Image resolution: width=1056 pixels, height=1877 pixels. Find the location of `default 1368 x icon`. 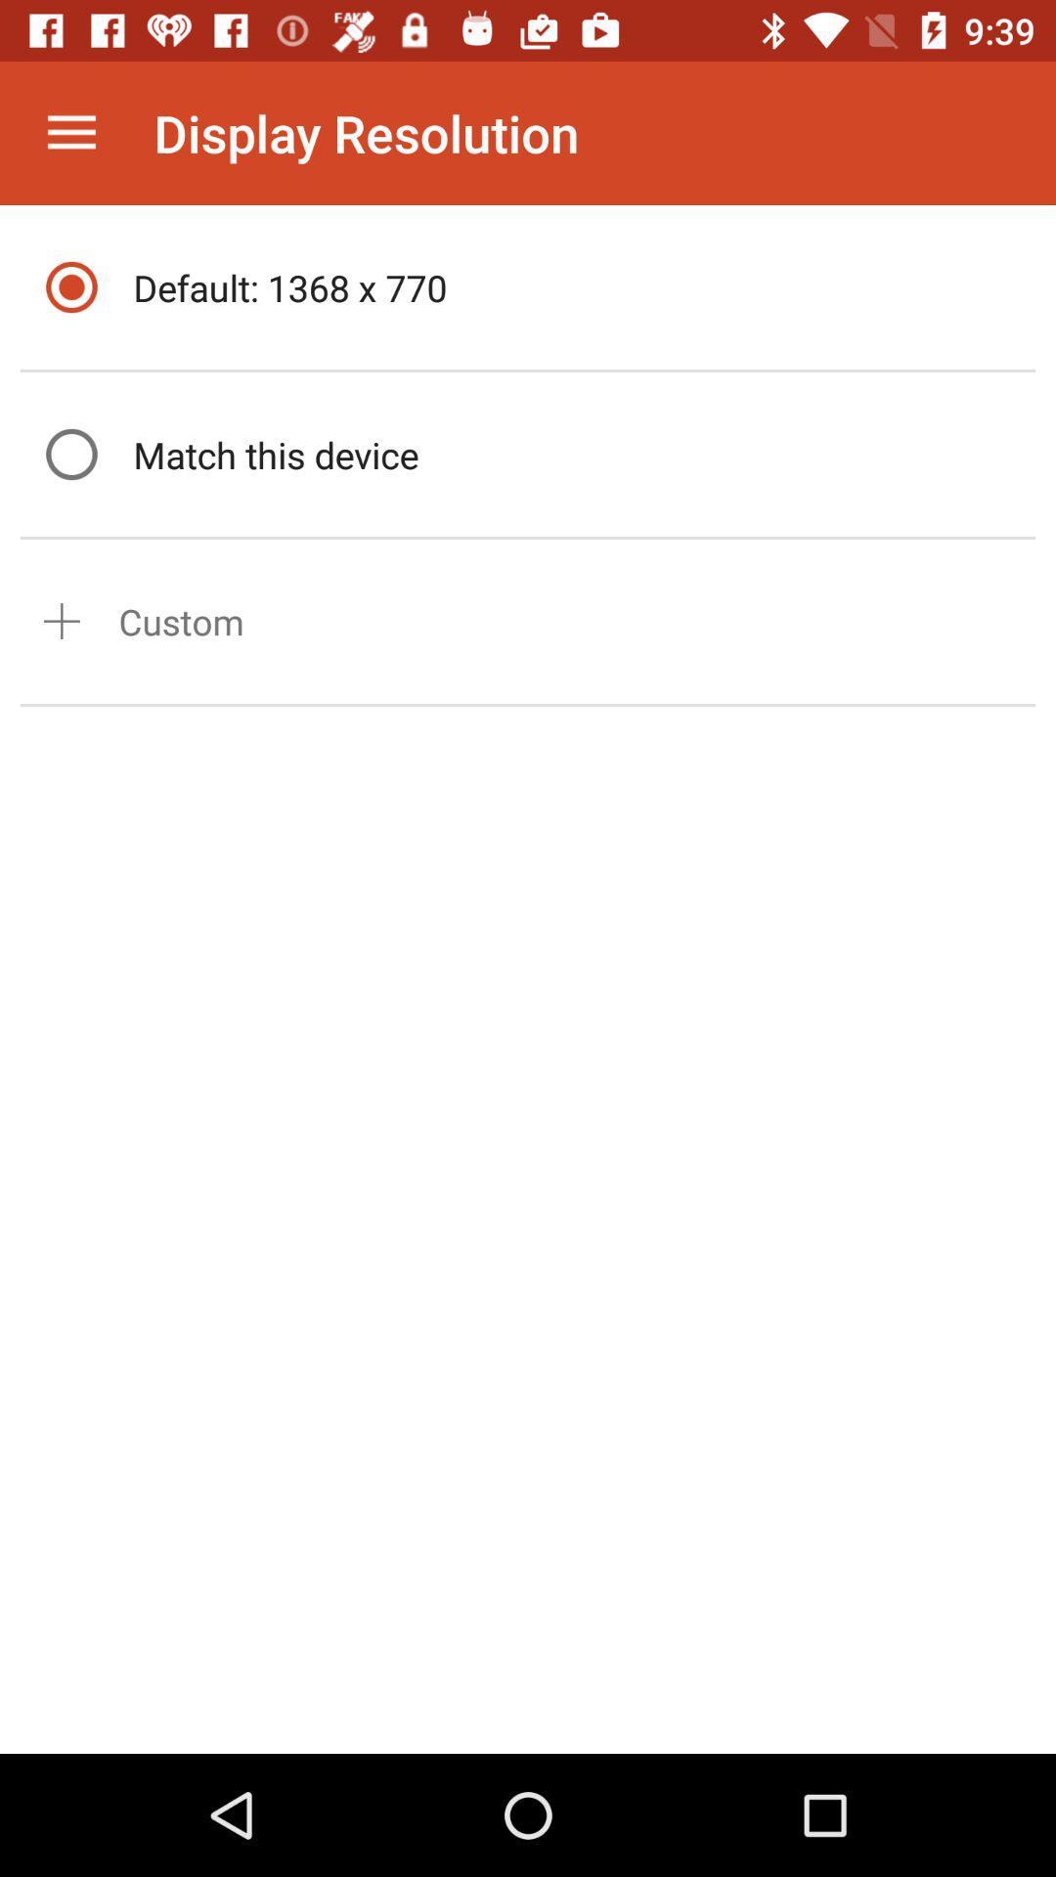

default 1368 x icon is located at coordinates (578, 285).